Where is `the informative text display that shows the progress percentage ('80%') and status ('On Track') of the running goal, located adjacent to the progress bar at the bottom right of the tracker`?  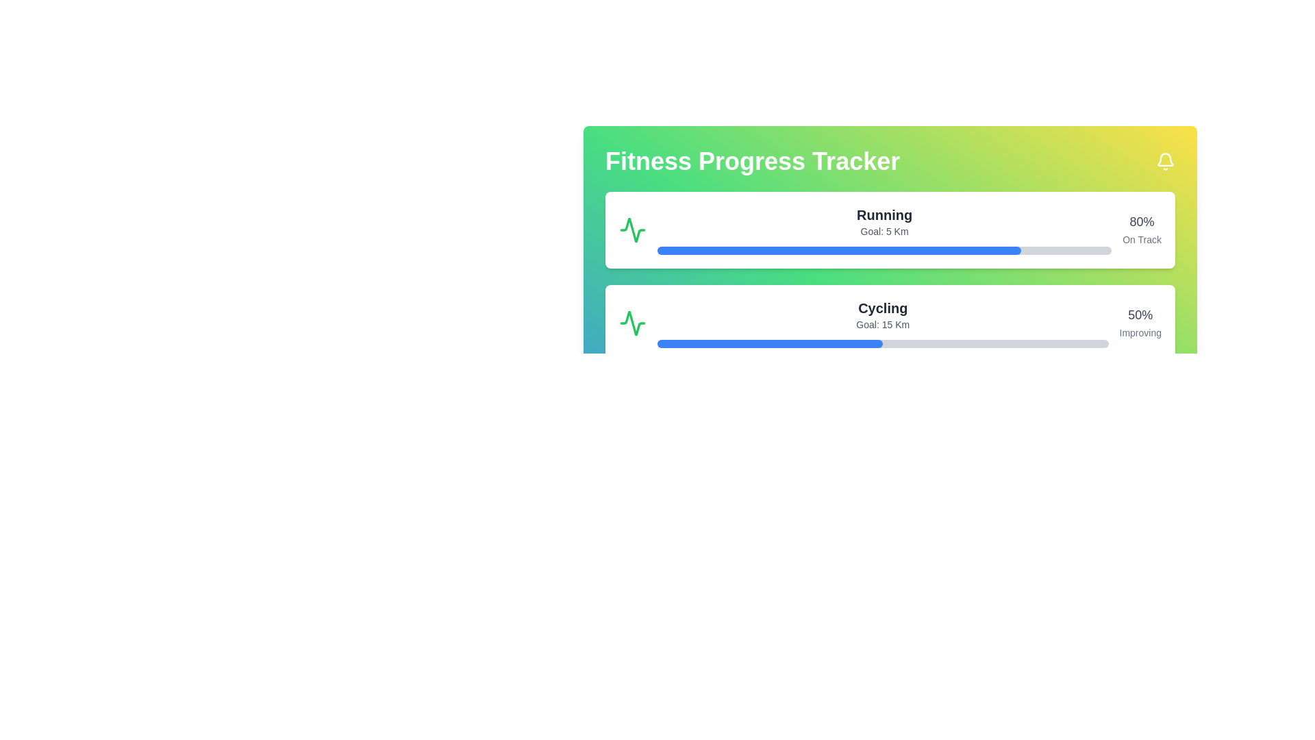
the informative text display that shows the progress percentage ('80%') and status ('On Track') of the running goal, located adjacent to the progress bar at the bottom right of the tracker is located at coordinates (1142, 229).